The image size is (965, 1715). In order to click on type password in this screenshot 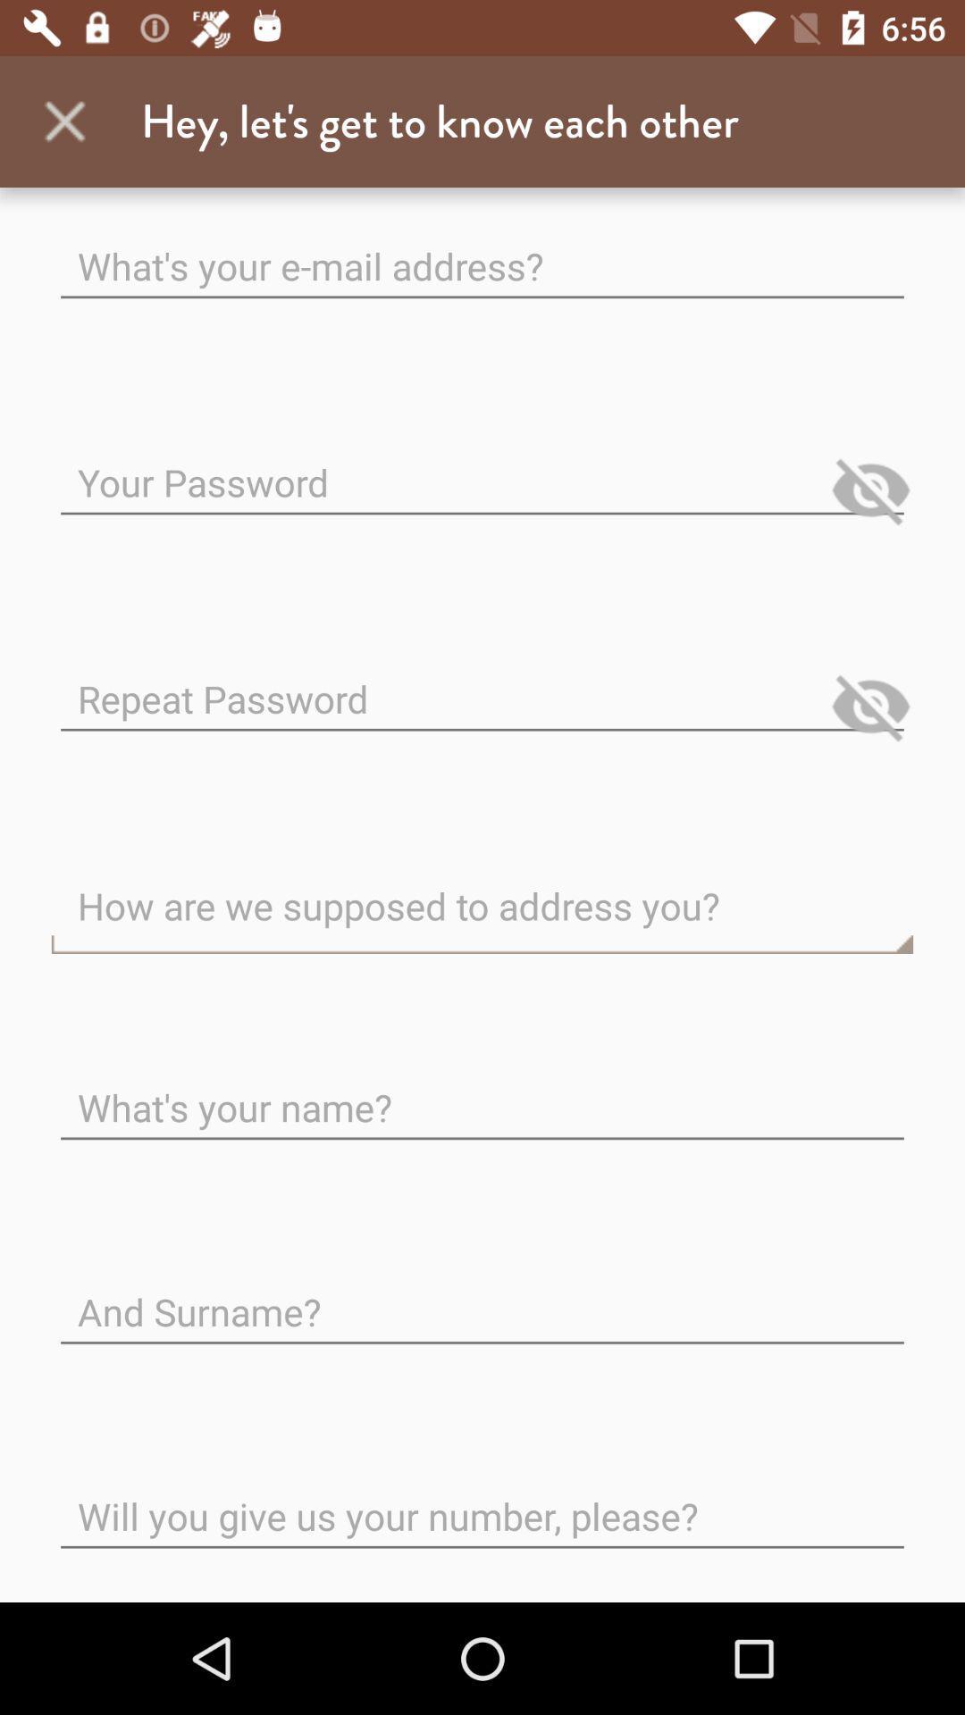, I will do `click(482, 683)`.